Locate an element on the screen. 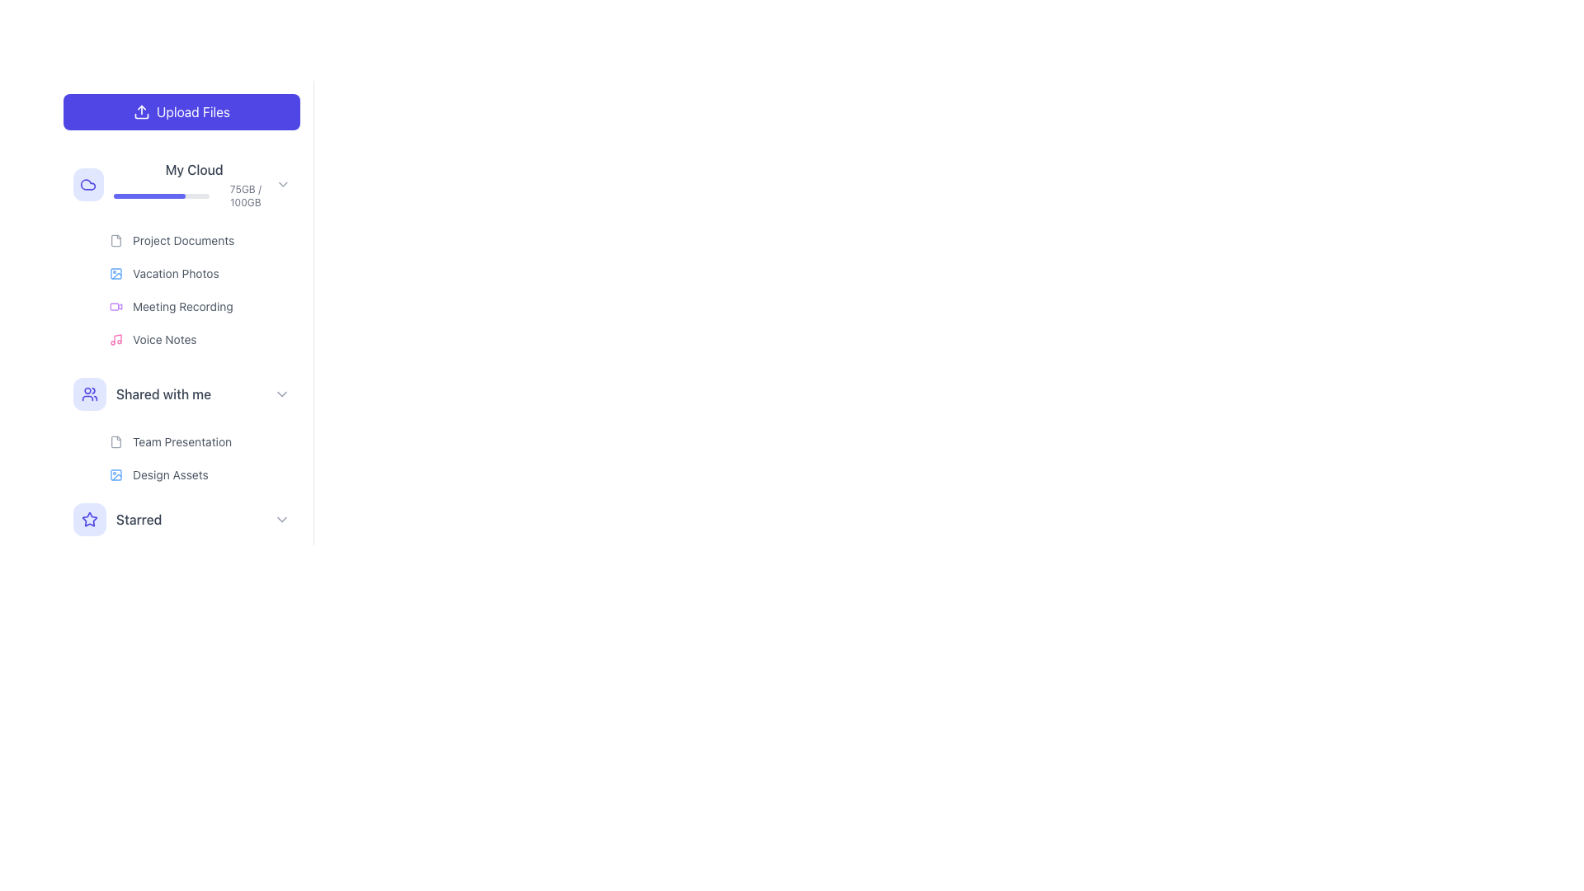 The height and width of the screenshot is (891, 1584). the upward arrow SVG icon representing the upload action, which is located within the 'Upload Files' button at the top left of the interface is located at coordinates (141, 111).